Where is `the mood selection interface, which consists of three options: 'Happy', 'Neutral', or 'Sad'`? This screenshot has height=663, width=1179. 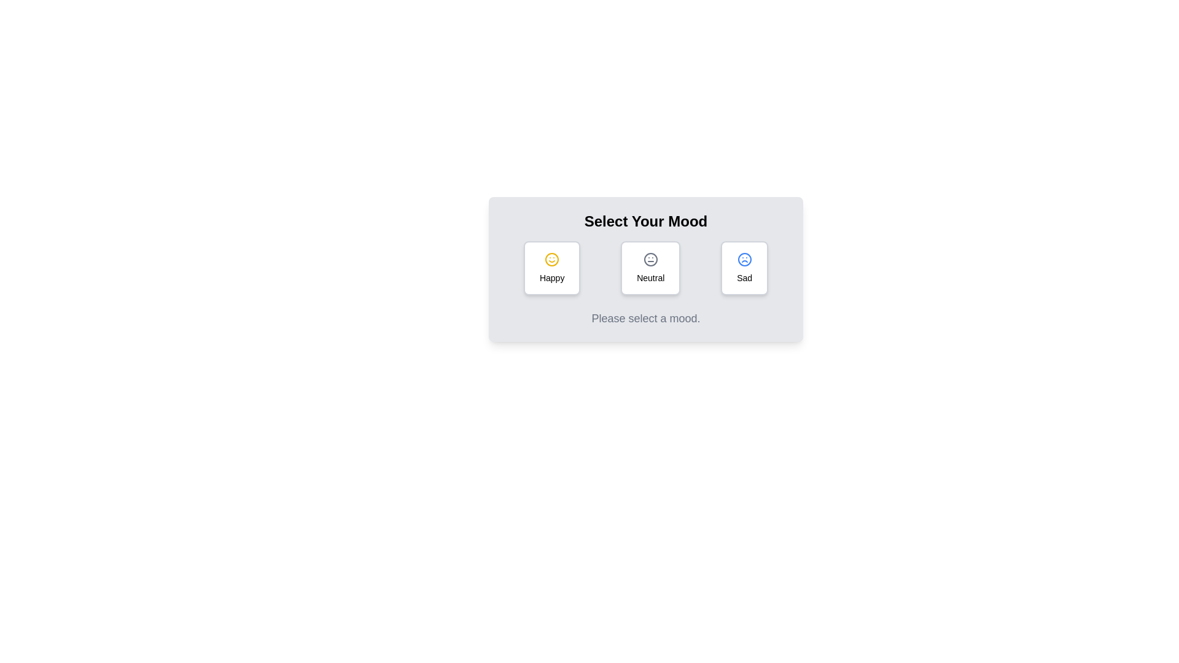 the mood selection interface, which consists of three options: 'Happy', 'Neutral', or 'Sad' is located at coordinates (645, 269).